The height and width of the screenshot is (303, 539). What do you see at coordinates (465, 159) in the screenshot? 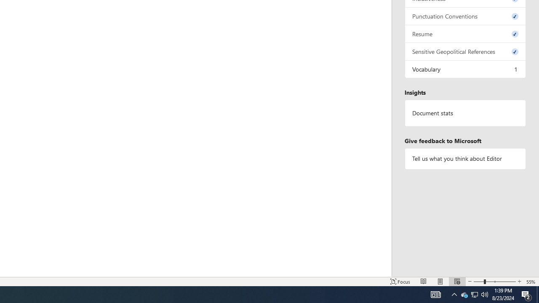
I see `'Tell us what you think about Editor'` at bounding box center [465, 159].